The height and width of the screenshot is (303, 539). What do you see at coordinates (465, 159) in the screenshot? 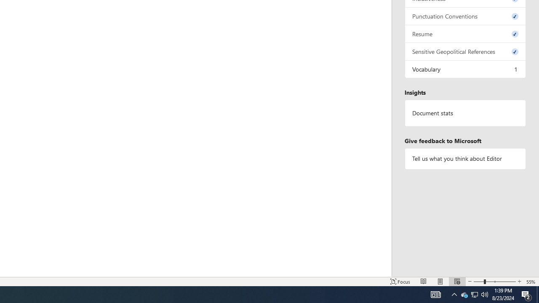
I see `'Tell us what you think about Editor'` at bounding box center [465, 159].